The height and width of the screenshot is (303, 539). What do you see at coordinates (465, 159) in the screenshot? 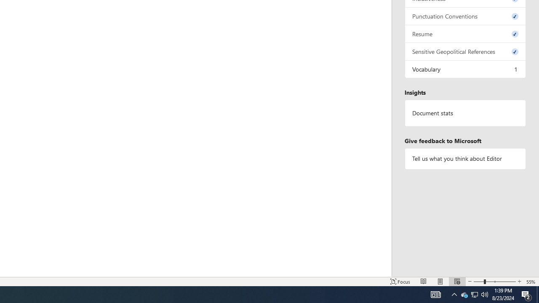
I see `'Tell us what you think about Editor'` at bounding box center [465, 159].